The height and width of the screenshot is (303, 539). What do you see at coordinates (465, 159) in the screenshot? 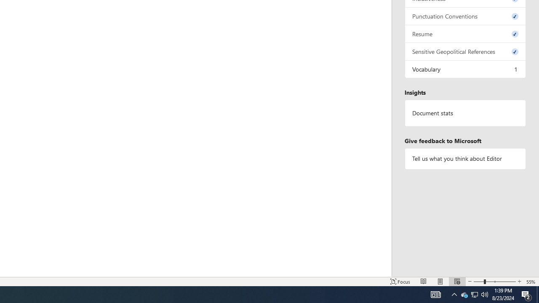
I see `'Tell us what you think about Editor'` at bounding box center [465, 159].